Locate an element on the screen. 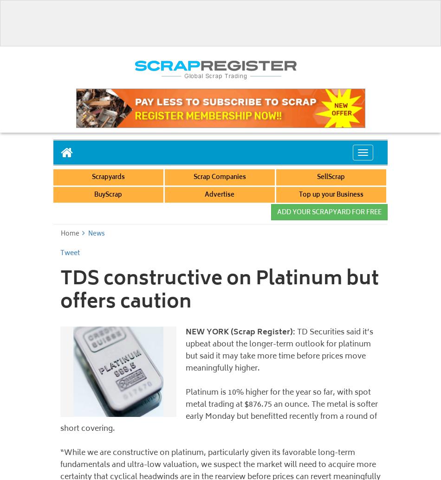 Image resolution: width=441 pixels, height=480 pixels. 'Scrapyards' is located at coordinates (108, 178).